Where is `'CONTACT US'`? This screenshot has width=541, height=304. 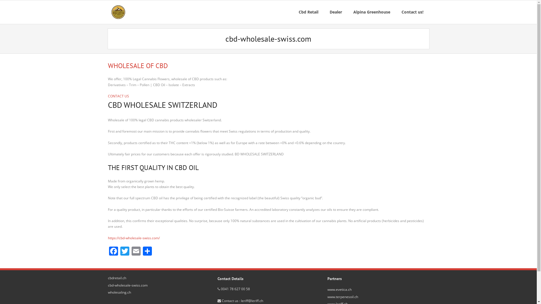 'CONTACT US' is located at coordinates (108, 96).